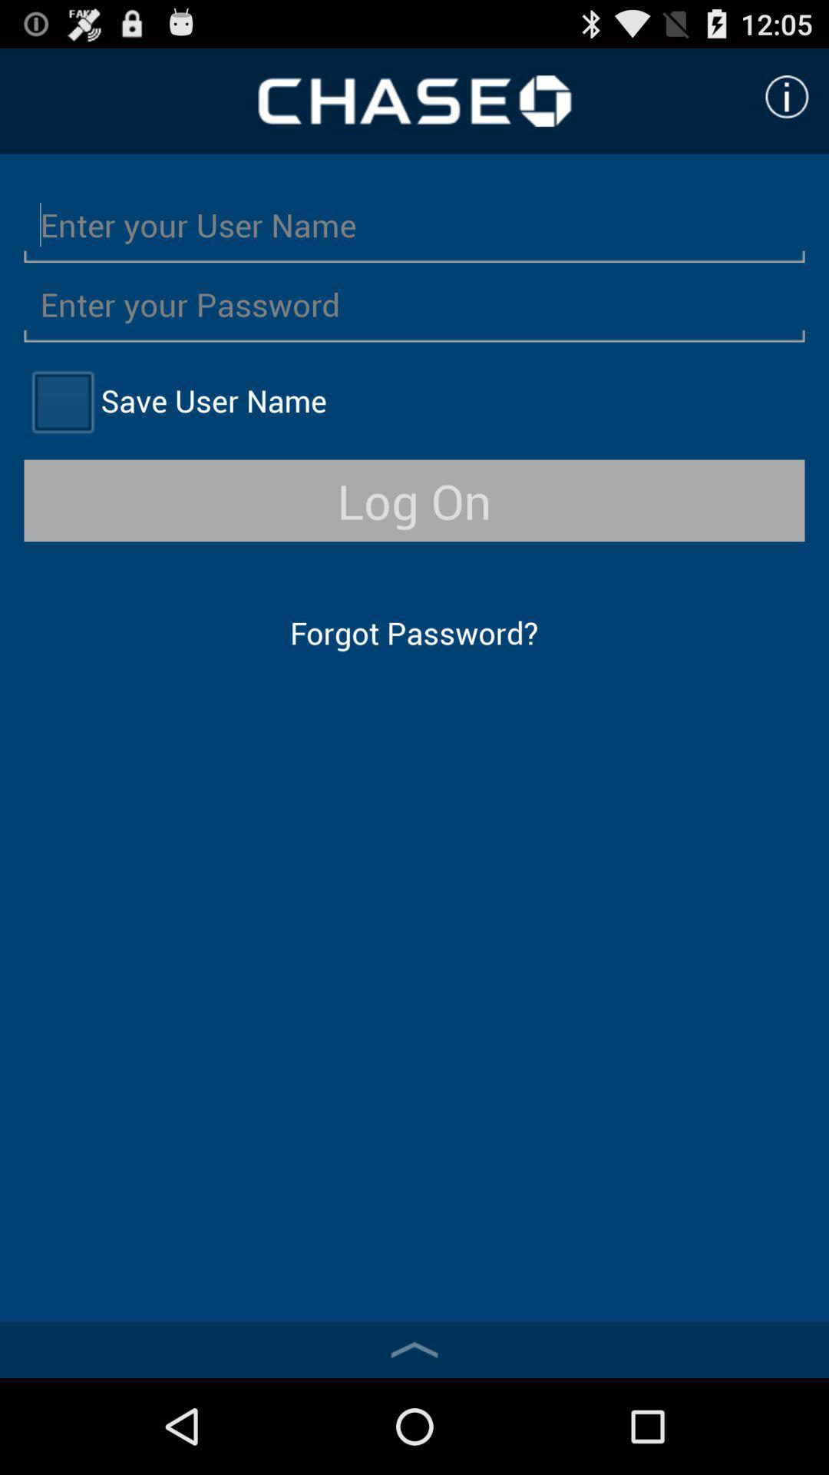 The image size is (829, 1475). I want to click on typing box, so click(414, 303).